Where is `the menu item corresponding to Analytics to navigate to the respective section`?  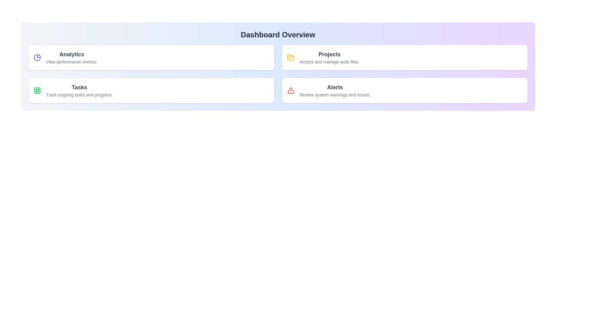 the menu item corresponding to Analytics to navigate to the respective section is located at coordinates (151, 58).